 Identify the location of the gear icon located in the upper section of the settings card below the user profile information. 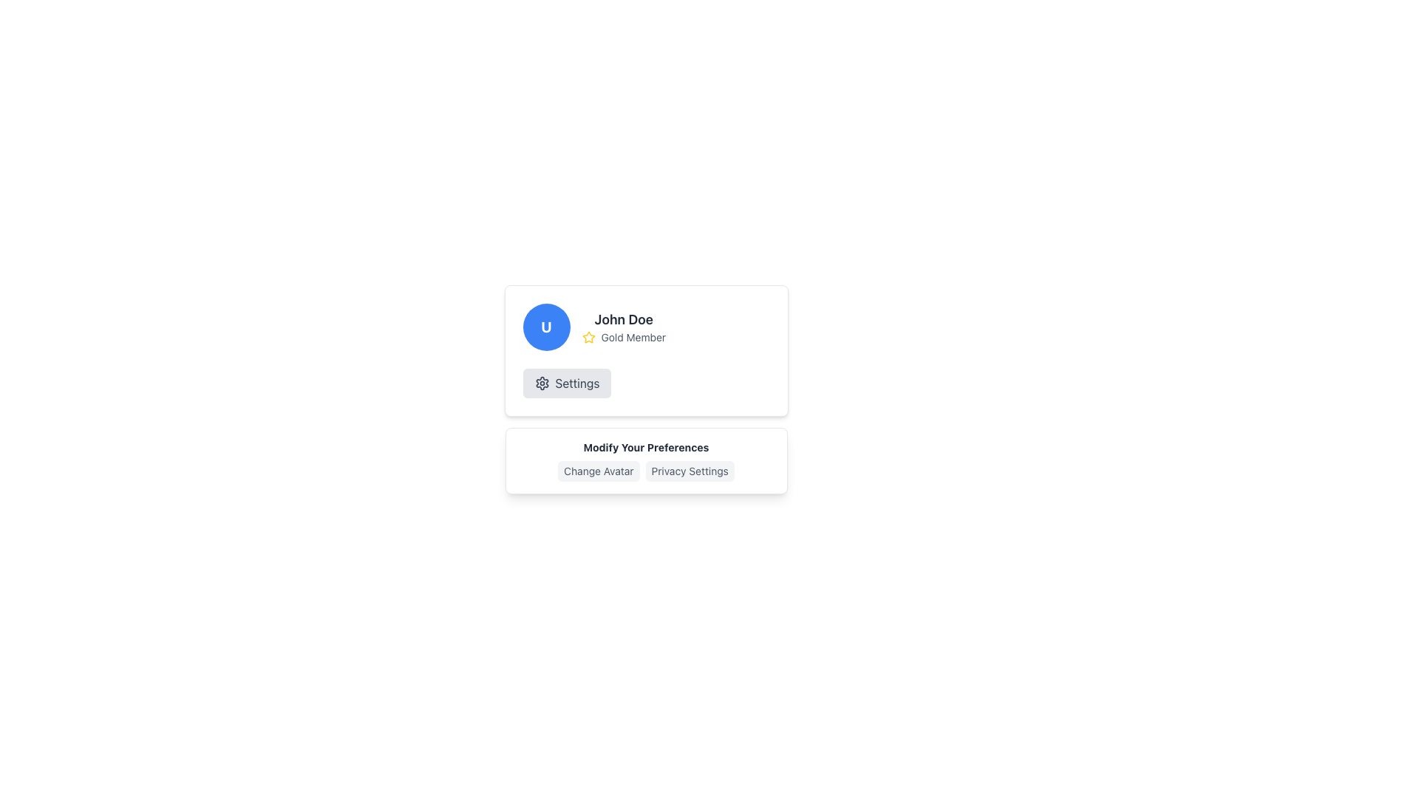
(541, 383).